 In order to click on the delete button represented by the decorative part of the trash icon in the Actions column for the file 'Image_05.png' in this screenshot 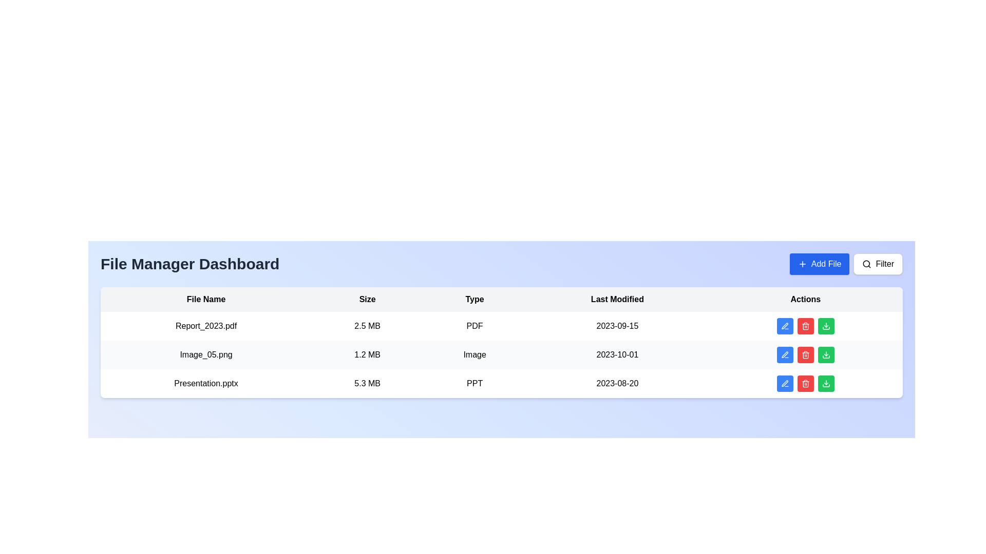, I will do `click(805, 355)`.